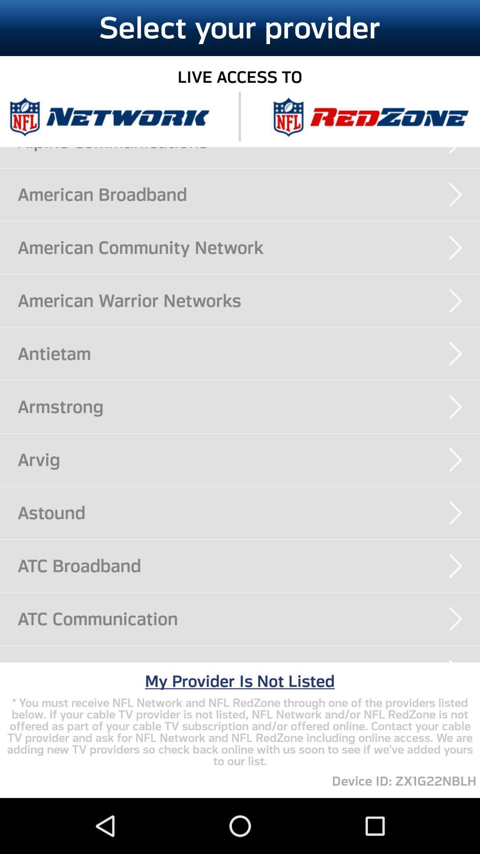 This screenshot has height=854, width=480. I want to click on network which is before redzone on the page, so click(109, 116).